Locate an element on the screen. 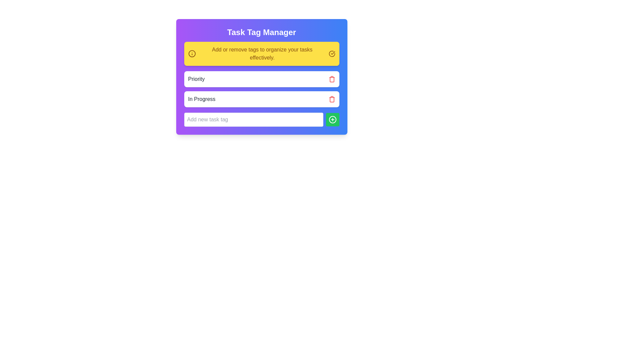 The image size is (642, 361). the confirmation or refresh button located at the top-right corner of the yellow notification banner titled 'Add or remove tags to organize your tasks effectively' is located at coordinates (332, 53).